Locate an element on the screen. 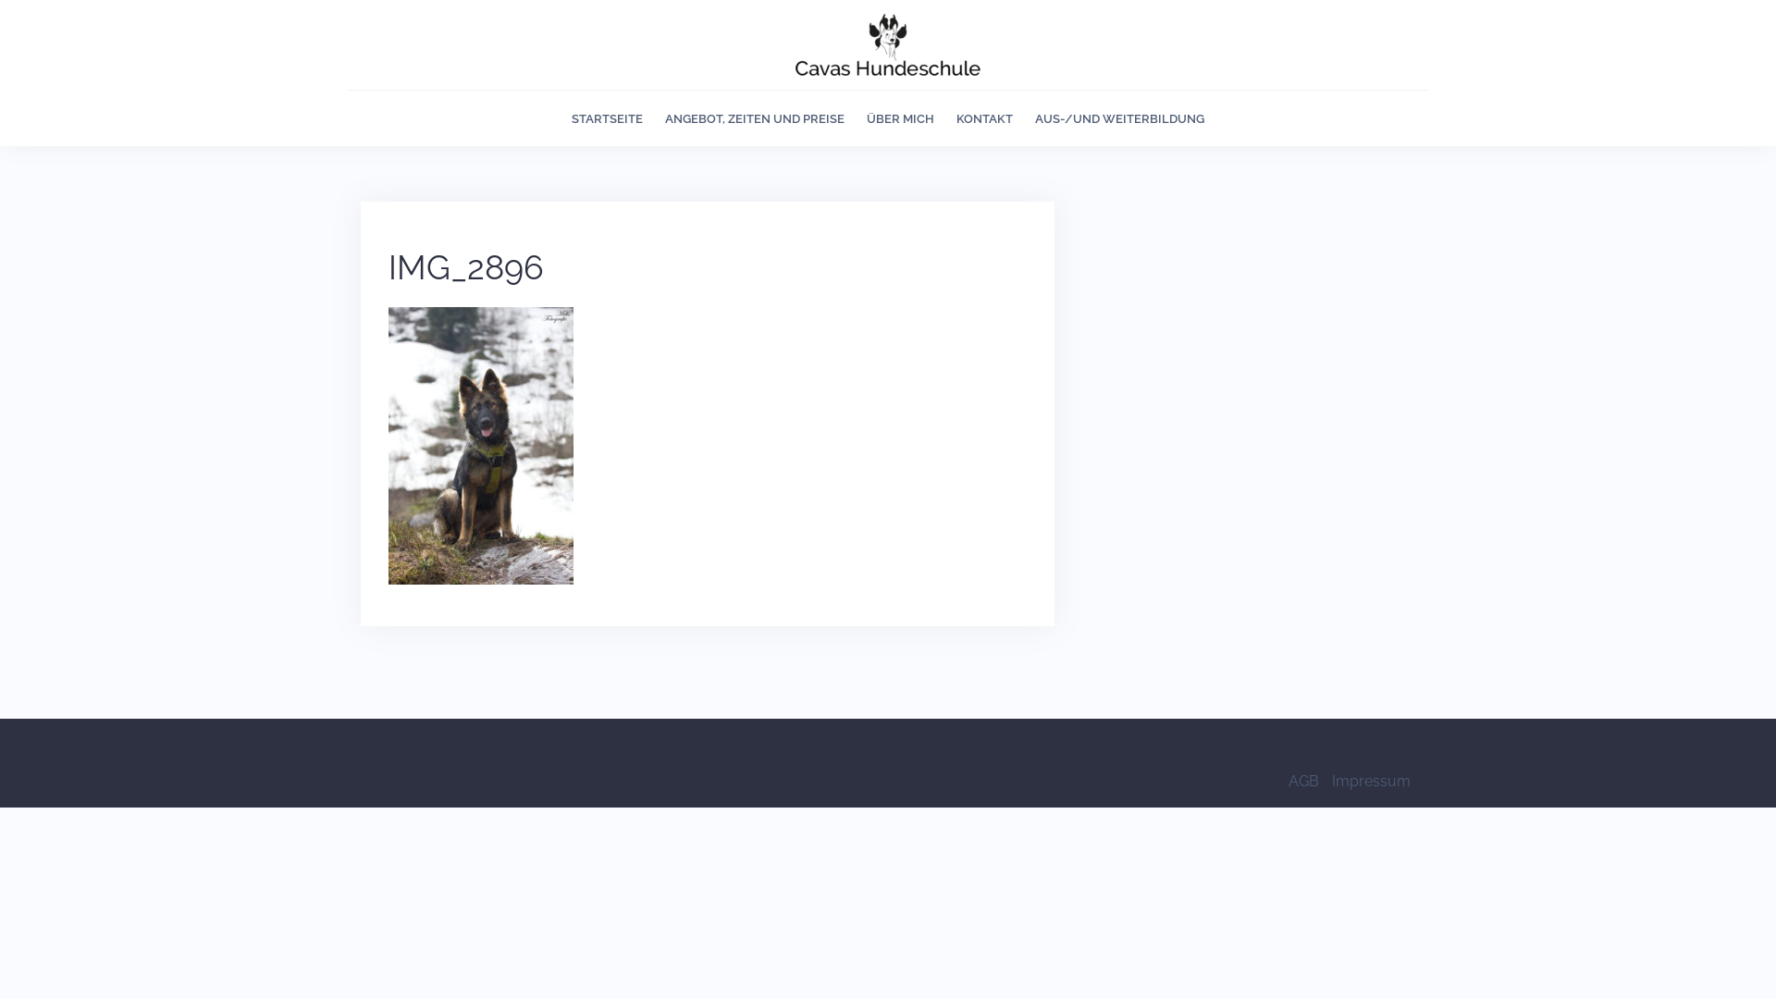 This screenshot has height=999, width=1776. 'KONTAKT' is located at coordinates (983, 119).